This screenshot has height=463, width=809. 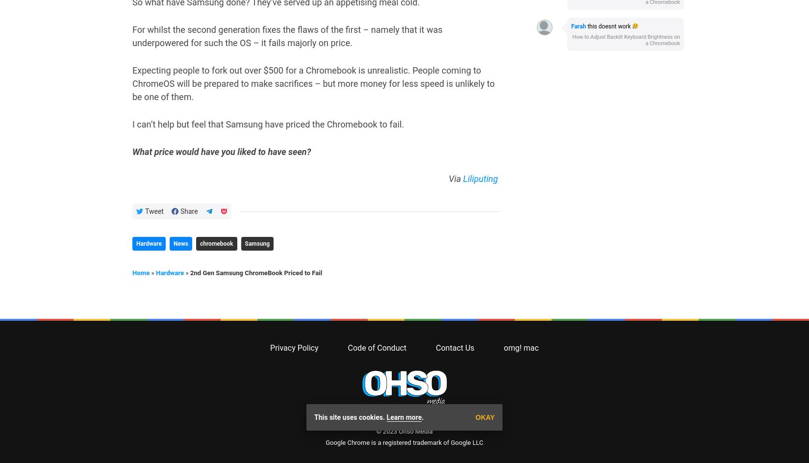 I want to click on '© 2023', so click(x=387, y=47).